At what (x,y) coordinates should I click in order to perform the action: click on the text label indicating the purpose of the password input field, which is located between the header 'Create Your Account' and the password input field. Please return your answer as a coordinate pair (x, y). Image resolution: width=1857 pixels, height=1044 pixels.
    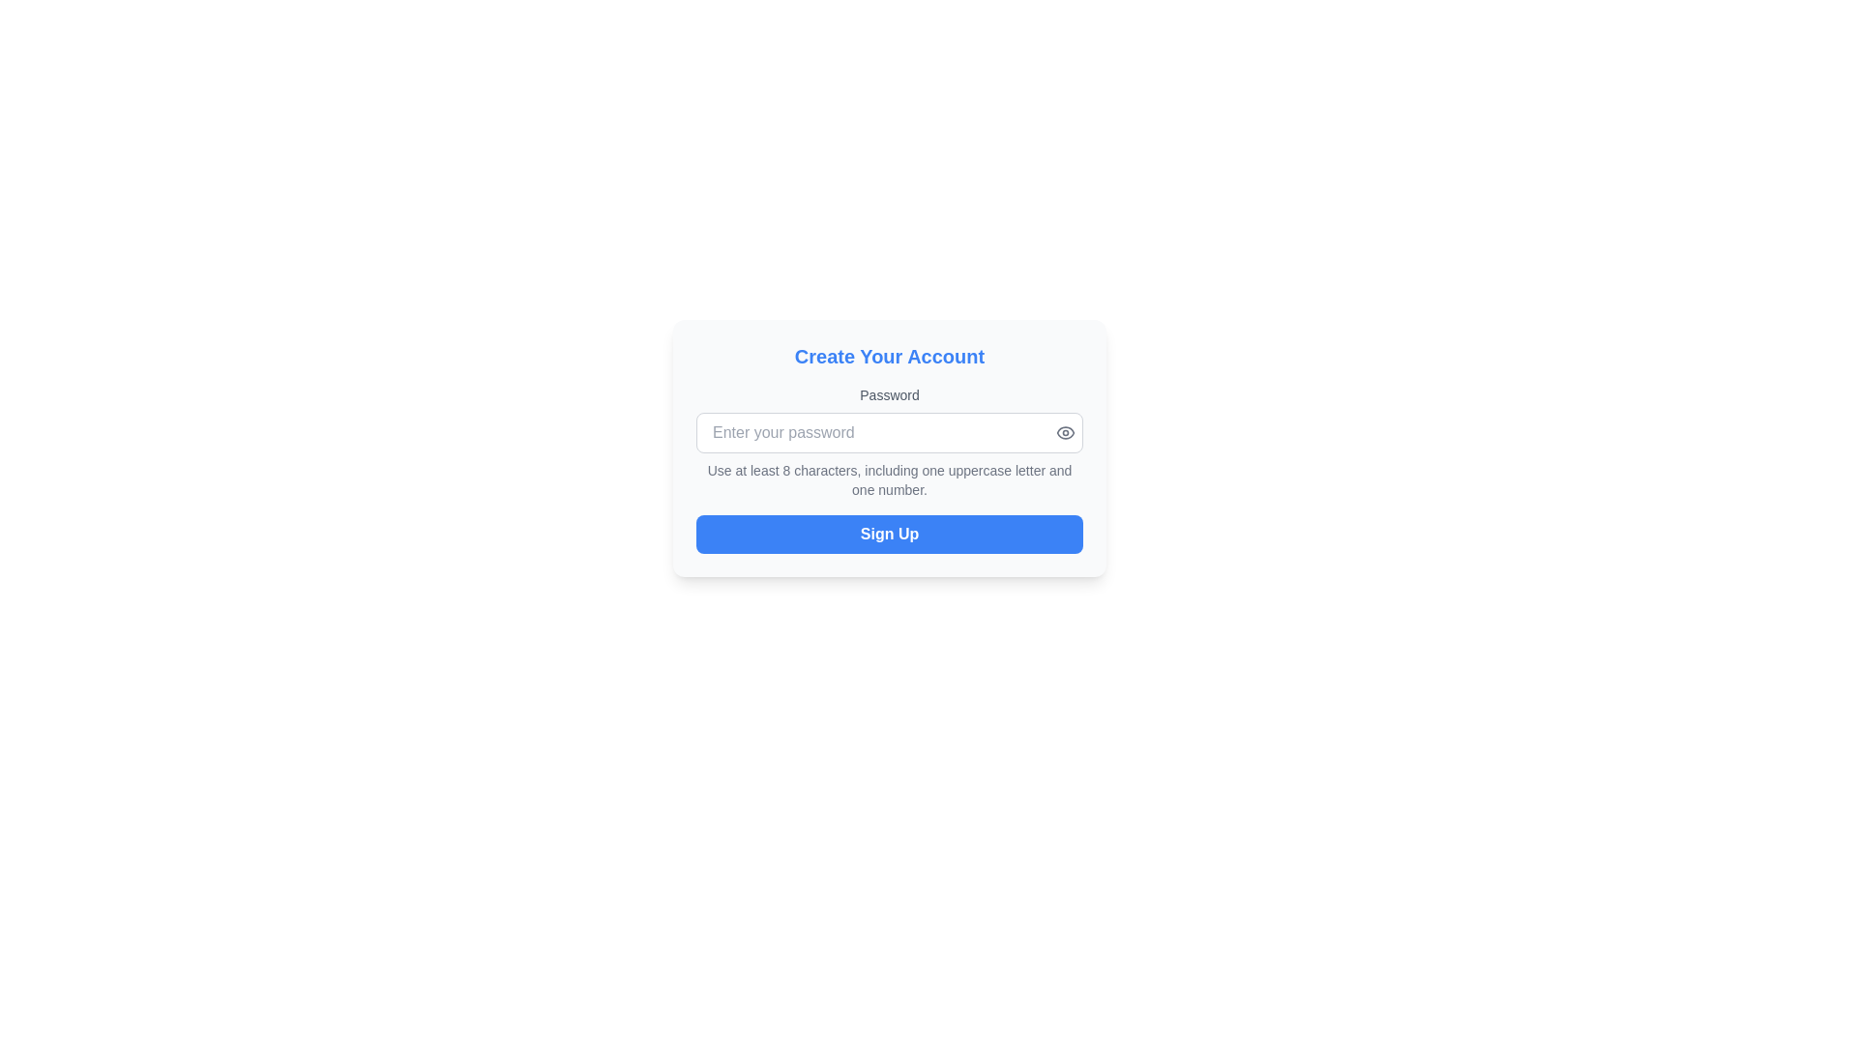
    Looking at the image, I should click on (889, 393).